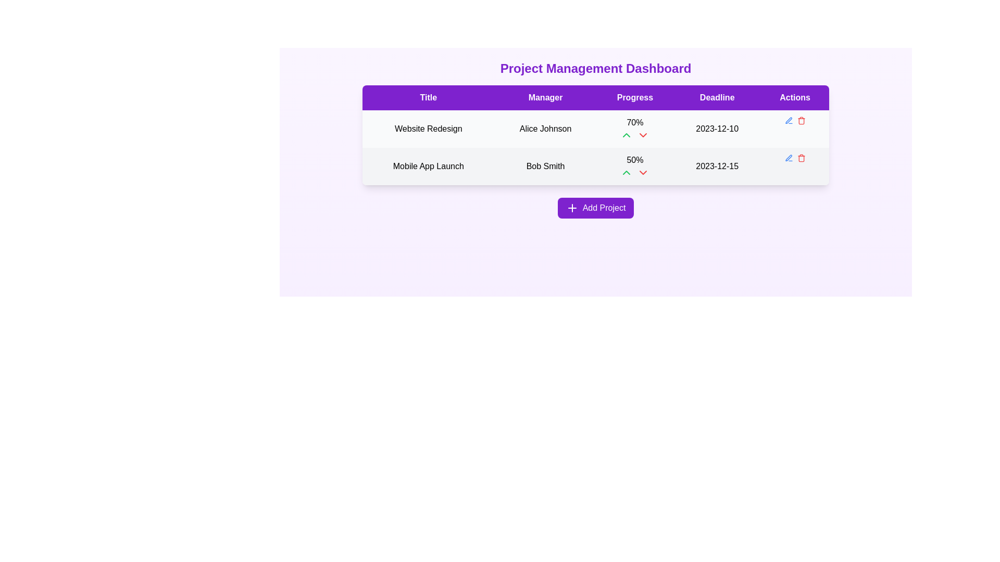 The width and height of the screenshot is (1000, 562). Describe the element at coordinates (794, 120) in the screenshot. I see `the group of action icons in the 'Actions' column of the first row in the 'Project Management Dashboard' table` at that location.